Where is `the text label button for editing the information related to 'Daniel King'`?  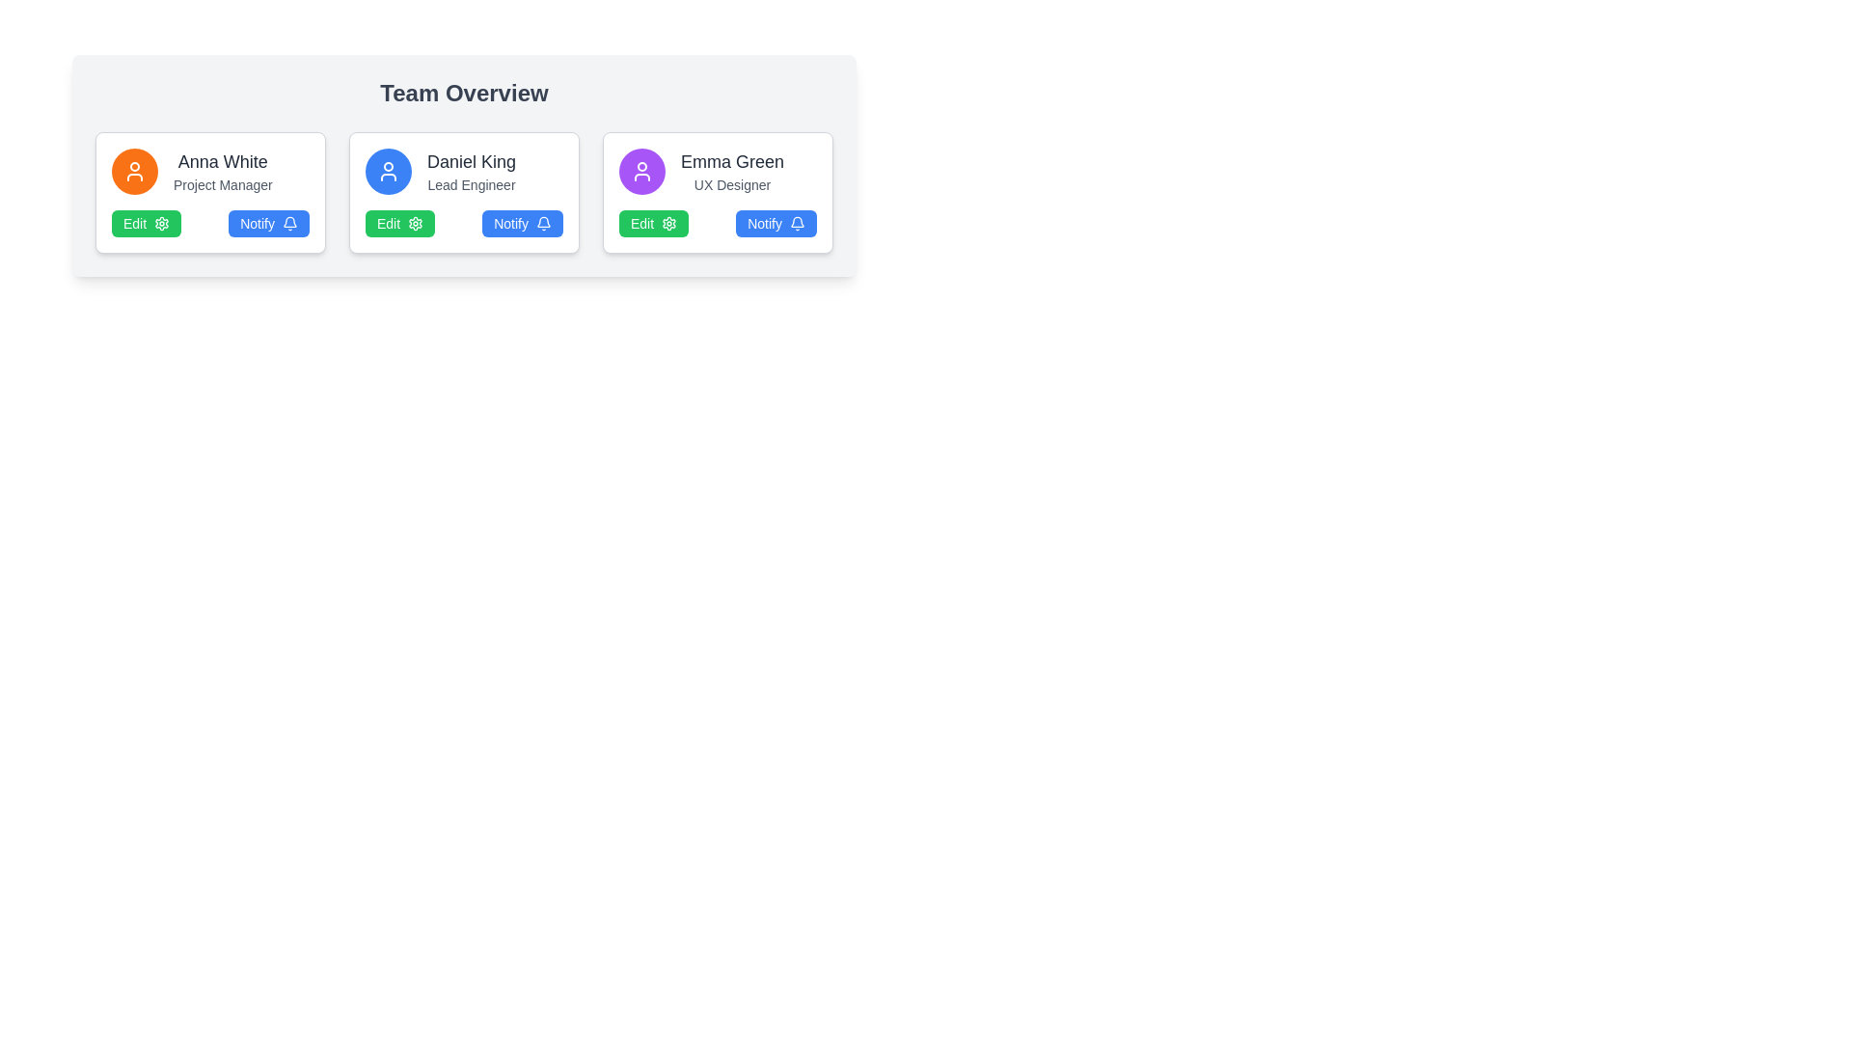
the text label button for editing the information related to 'Daniel King' is located at coordinates (388, 222).